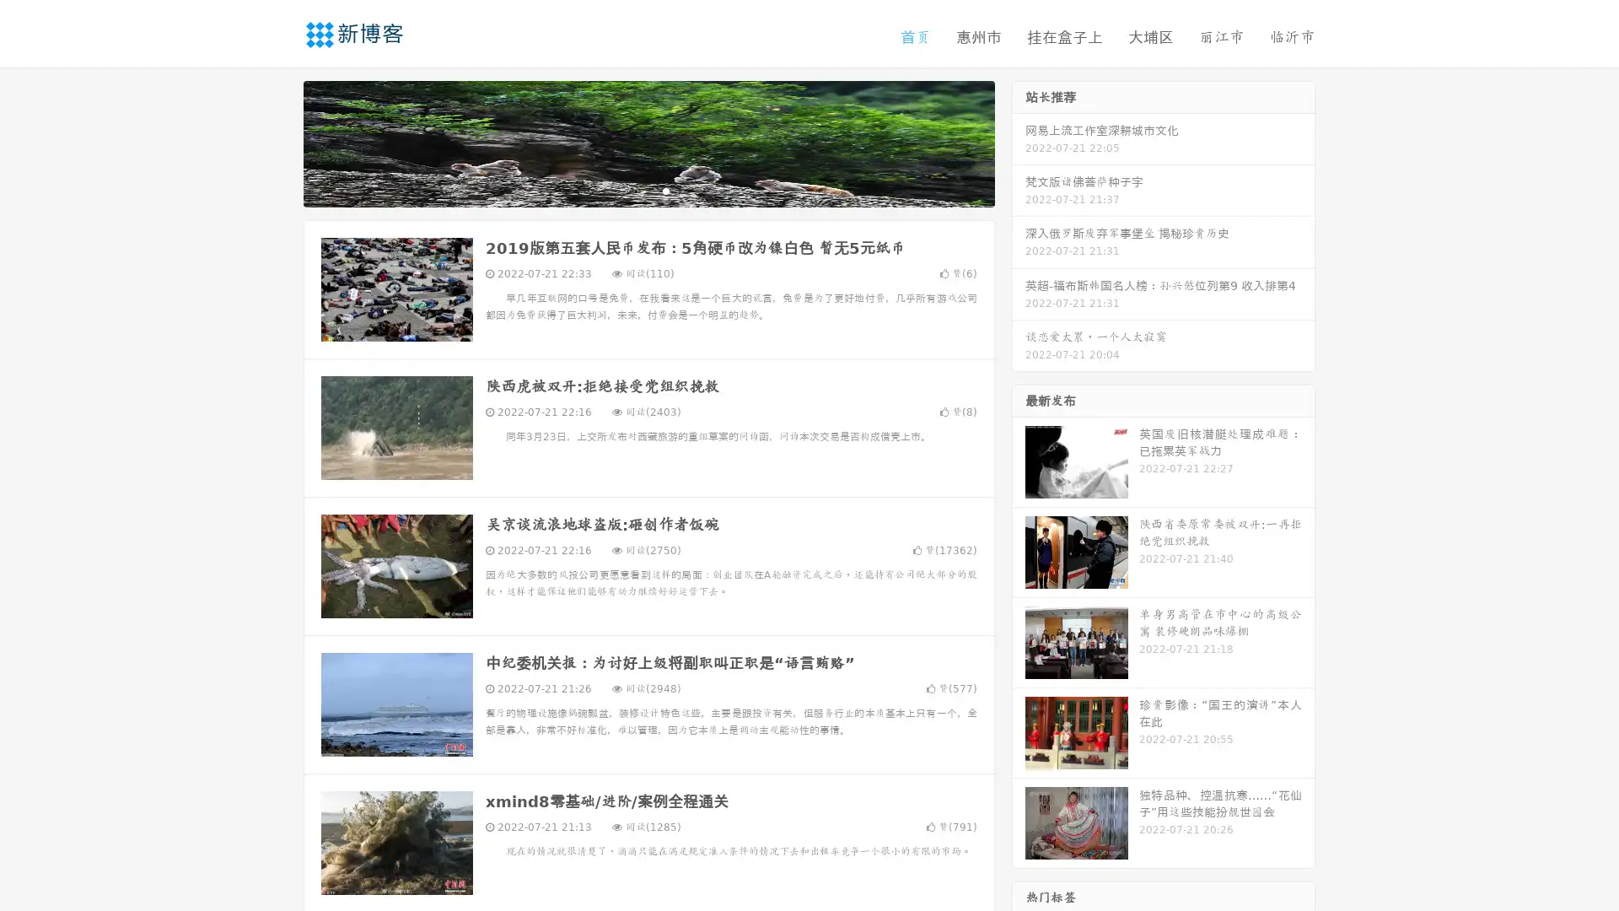 Image resolution: width=1619 pixels, height=911 pixels. Describe the element at coordinates (648, 190) in the screenshot. I see `Go to slide 2` at that location.